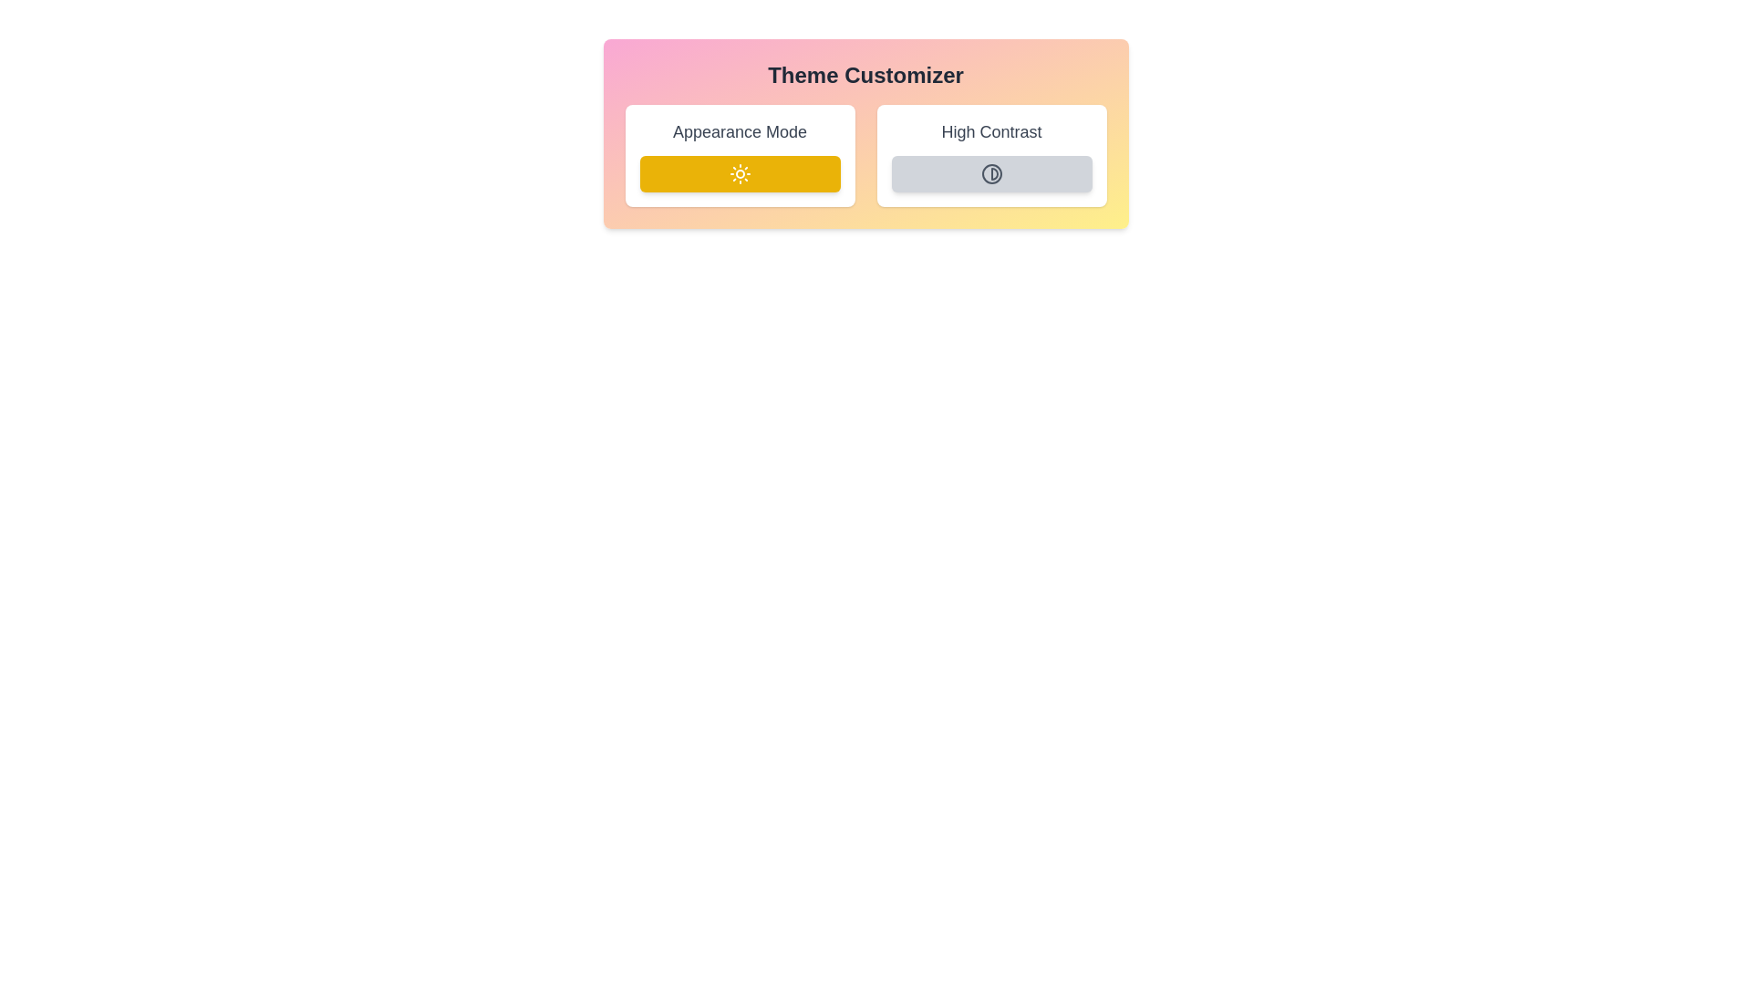 Image resolution: width=1751 pixels, height=985 pixels. Describe the element at coordinates (740, 174) in the screenshot. I see `the 'Appearance Mode' button to toggle its state` at that location.